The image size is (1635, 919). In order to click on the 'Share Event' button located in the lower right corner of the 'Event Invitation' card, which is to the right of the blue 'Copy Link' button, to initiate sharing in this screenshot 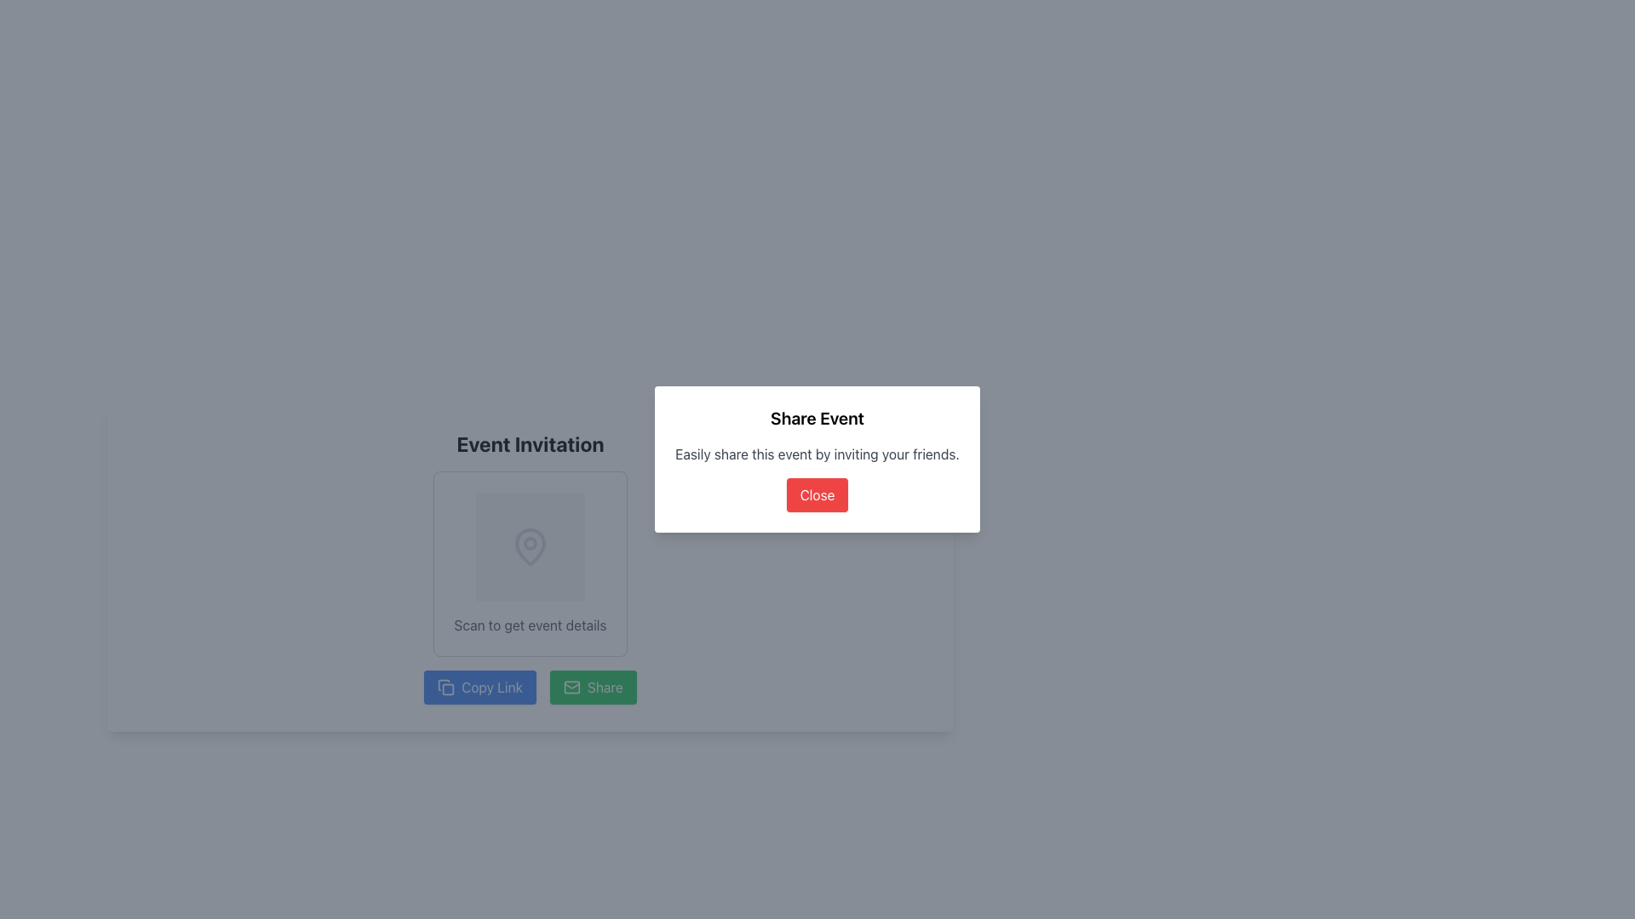, I will do `click(593, 686)`.